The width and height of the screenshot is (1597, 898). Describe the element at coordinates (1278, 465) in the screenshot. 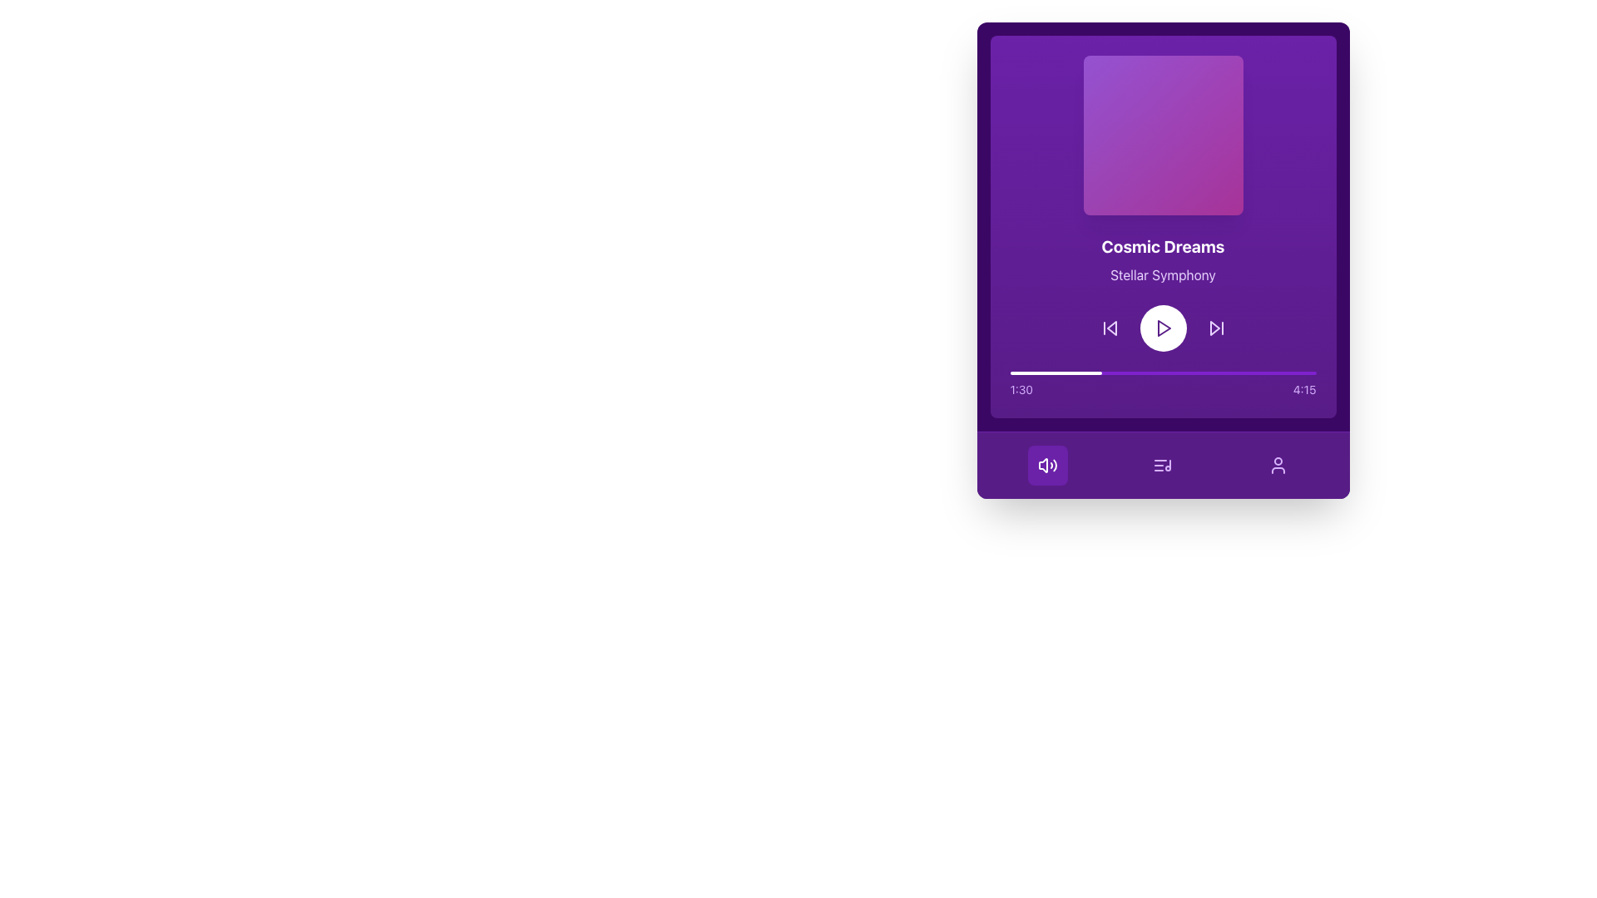

I see `the user profile icon located at the bottom right of the application interface` at that location.